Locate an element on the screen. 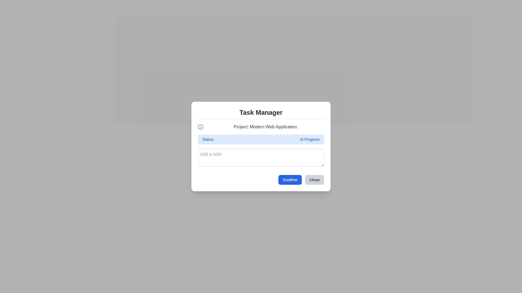  the leftmost button in the bottom-right corner of the 'Task Manager' dialog box to confirm an action is located at coordinates (290, 180).